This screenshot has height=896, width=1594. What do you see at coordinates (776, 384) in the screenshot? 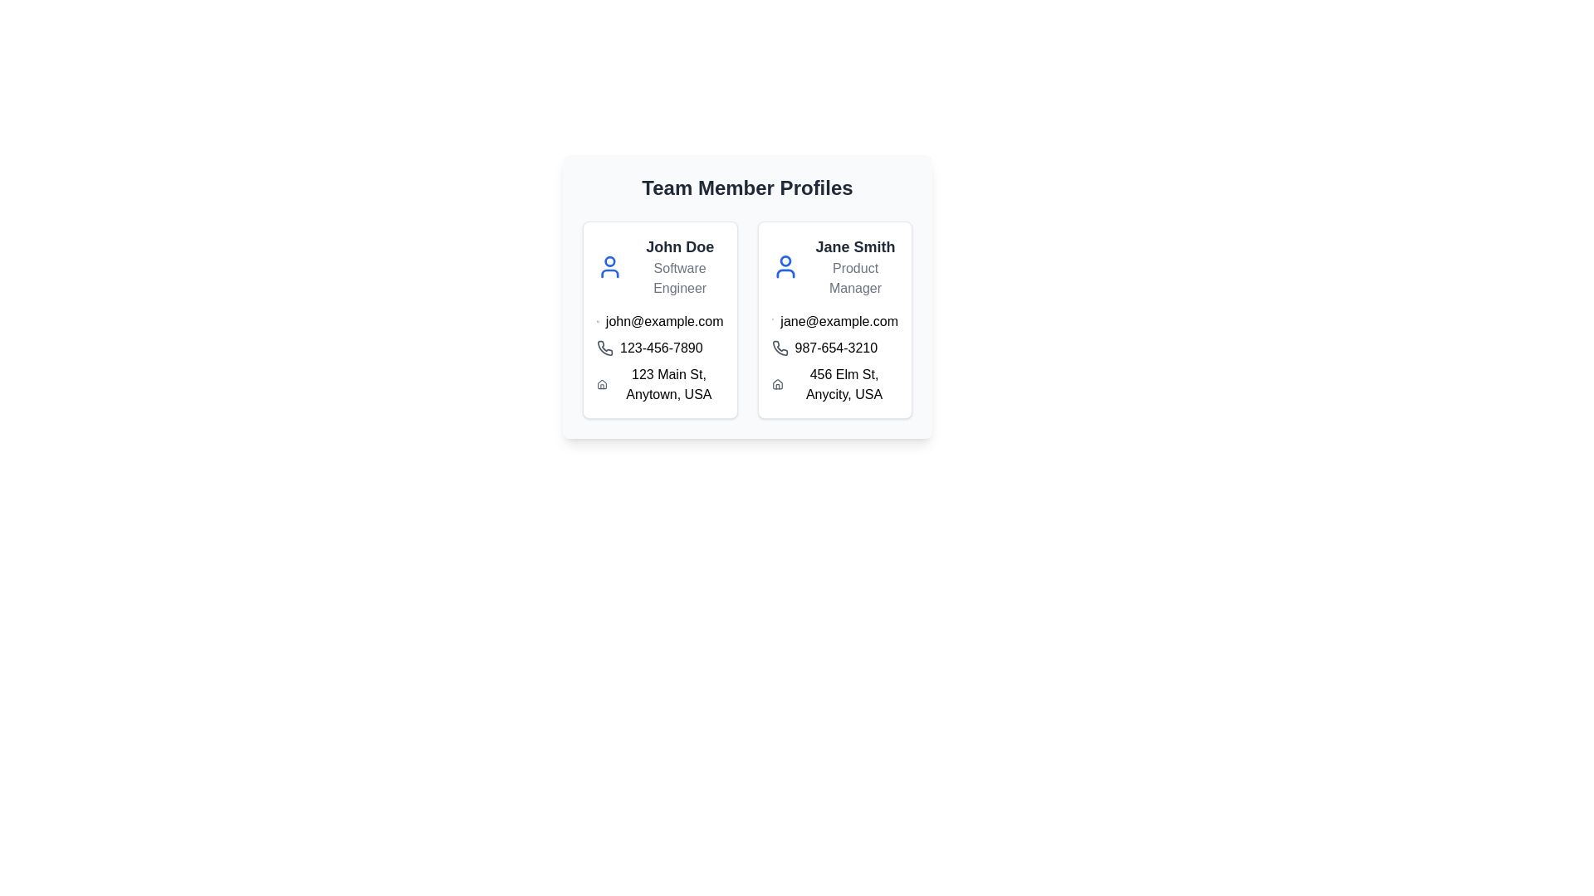
I see `the small house icon with a gray outline located next to the address '456 Elm St, Anycity, USA' in the right profile card` at bounding box center [776, 384].